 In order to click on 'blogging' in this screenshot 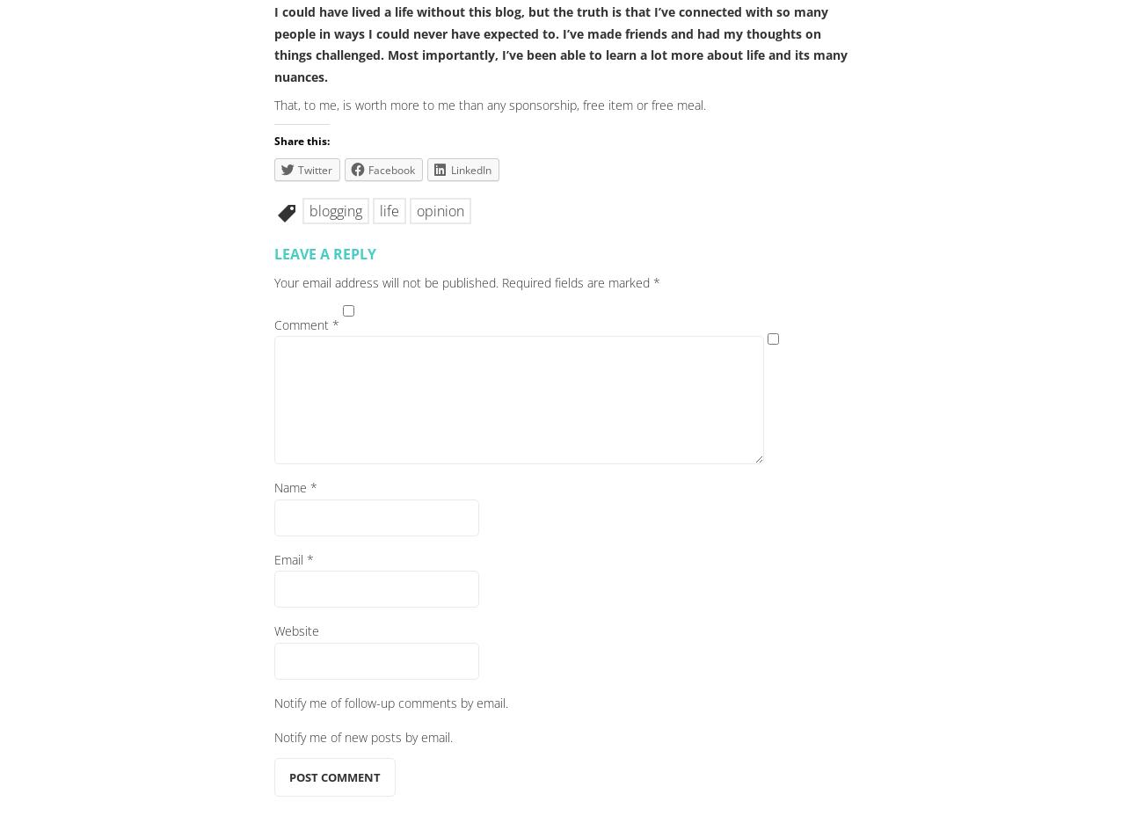, I will do `click(335, 209)`.